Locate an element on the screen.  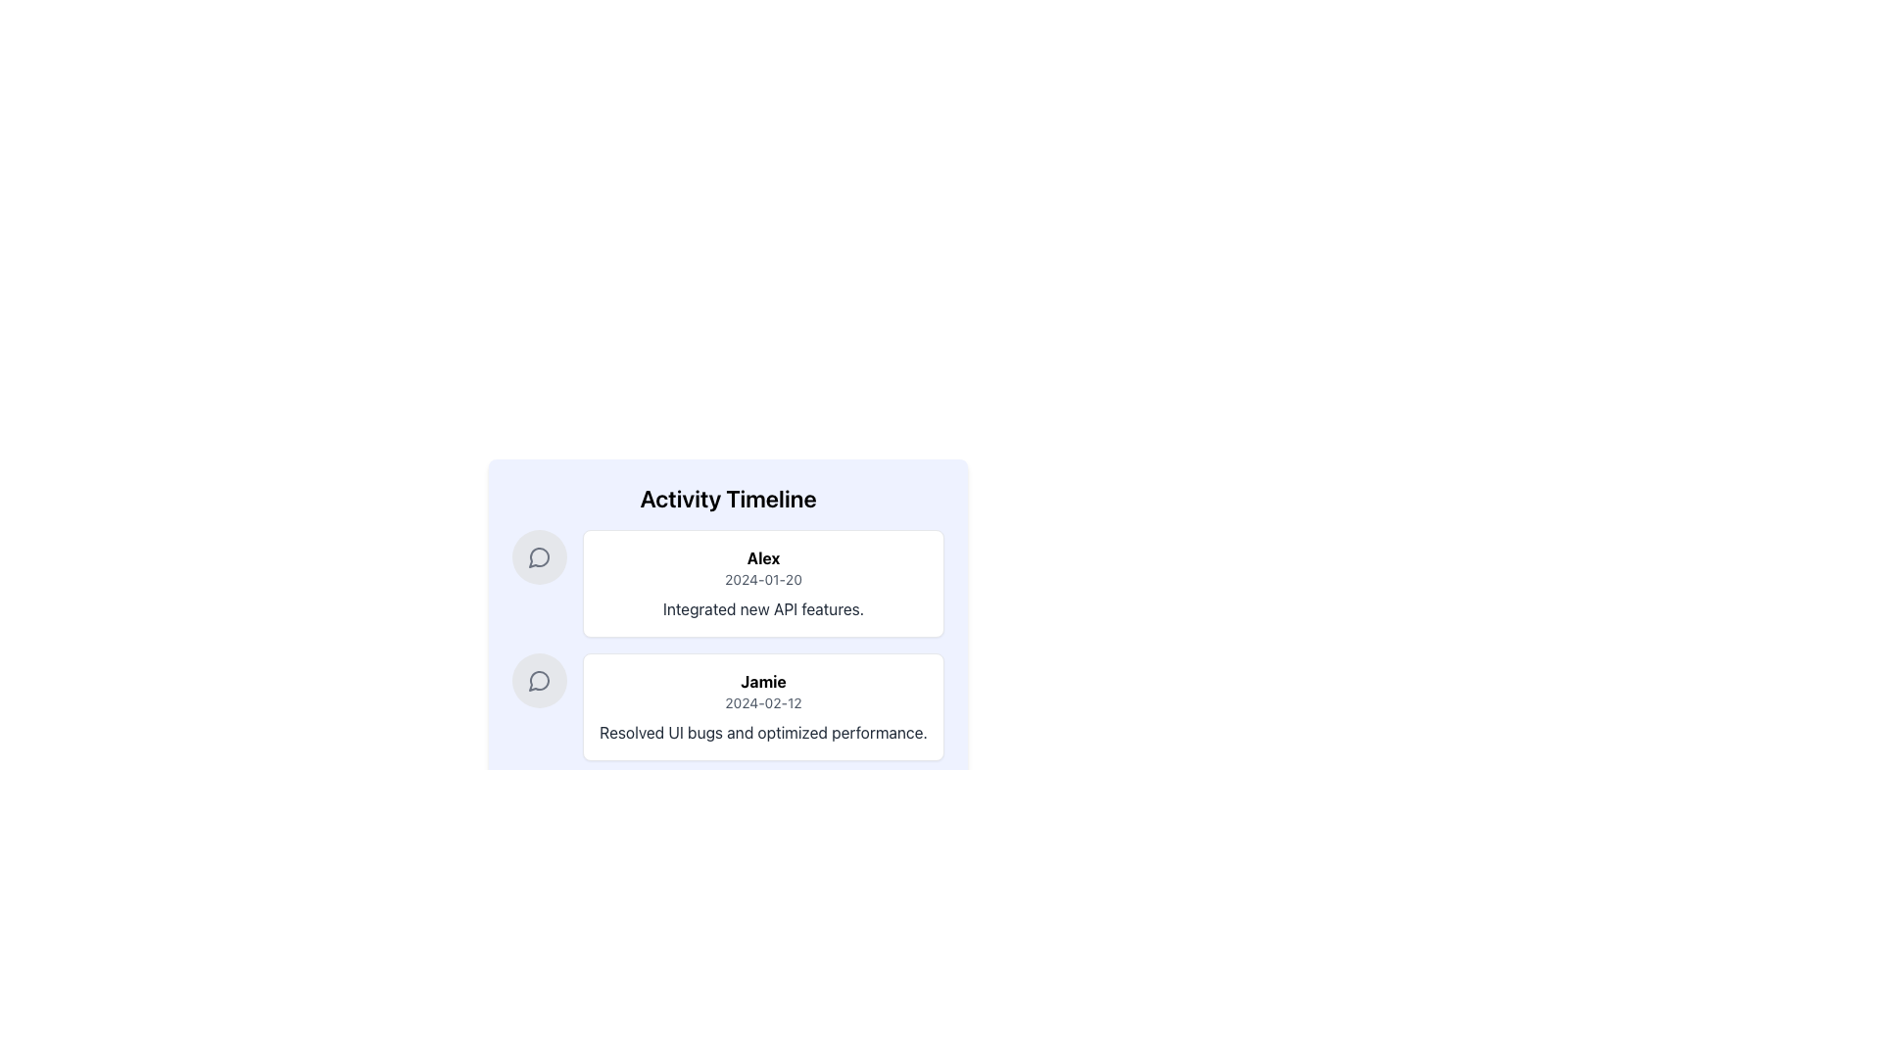
text content of the Informational Card, which is the first item in the Activity Timeline above the element containing 'Jamie' is located at coordinates (727, 583).